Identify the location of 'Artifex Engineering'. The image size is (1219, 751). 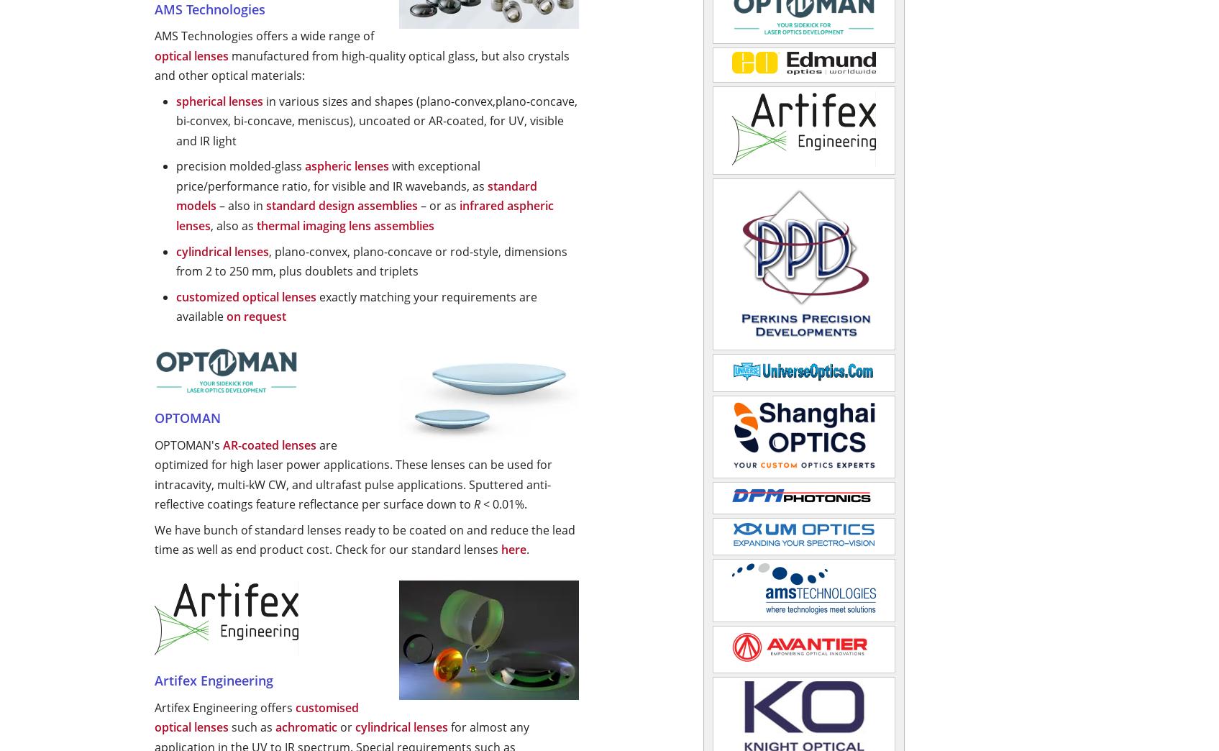
(214, 679).